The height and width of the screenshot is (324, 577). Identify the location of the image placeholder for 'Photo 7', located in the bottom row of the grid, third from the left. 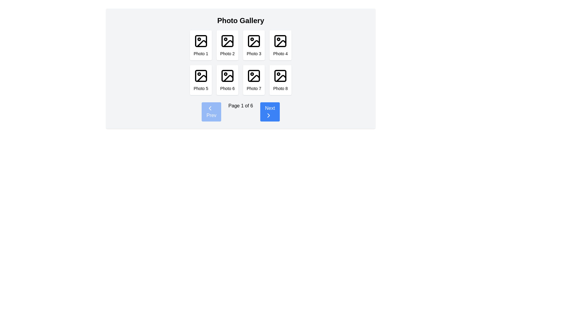
(254, 76).